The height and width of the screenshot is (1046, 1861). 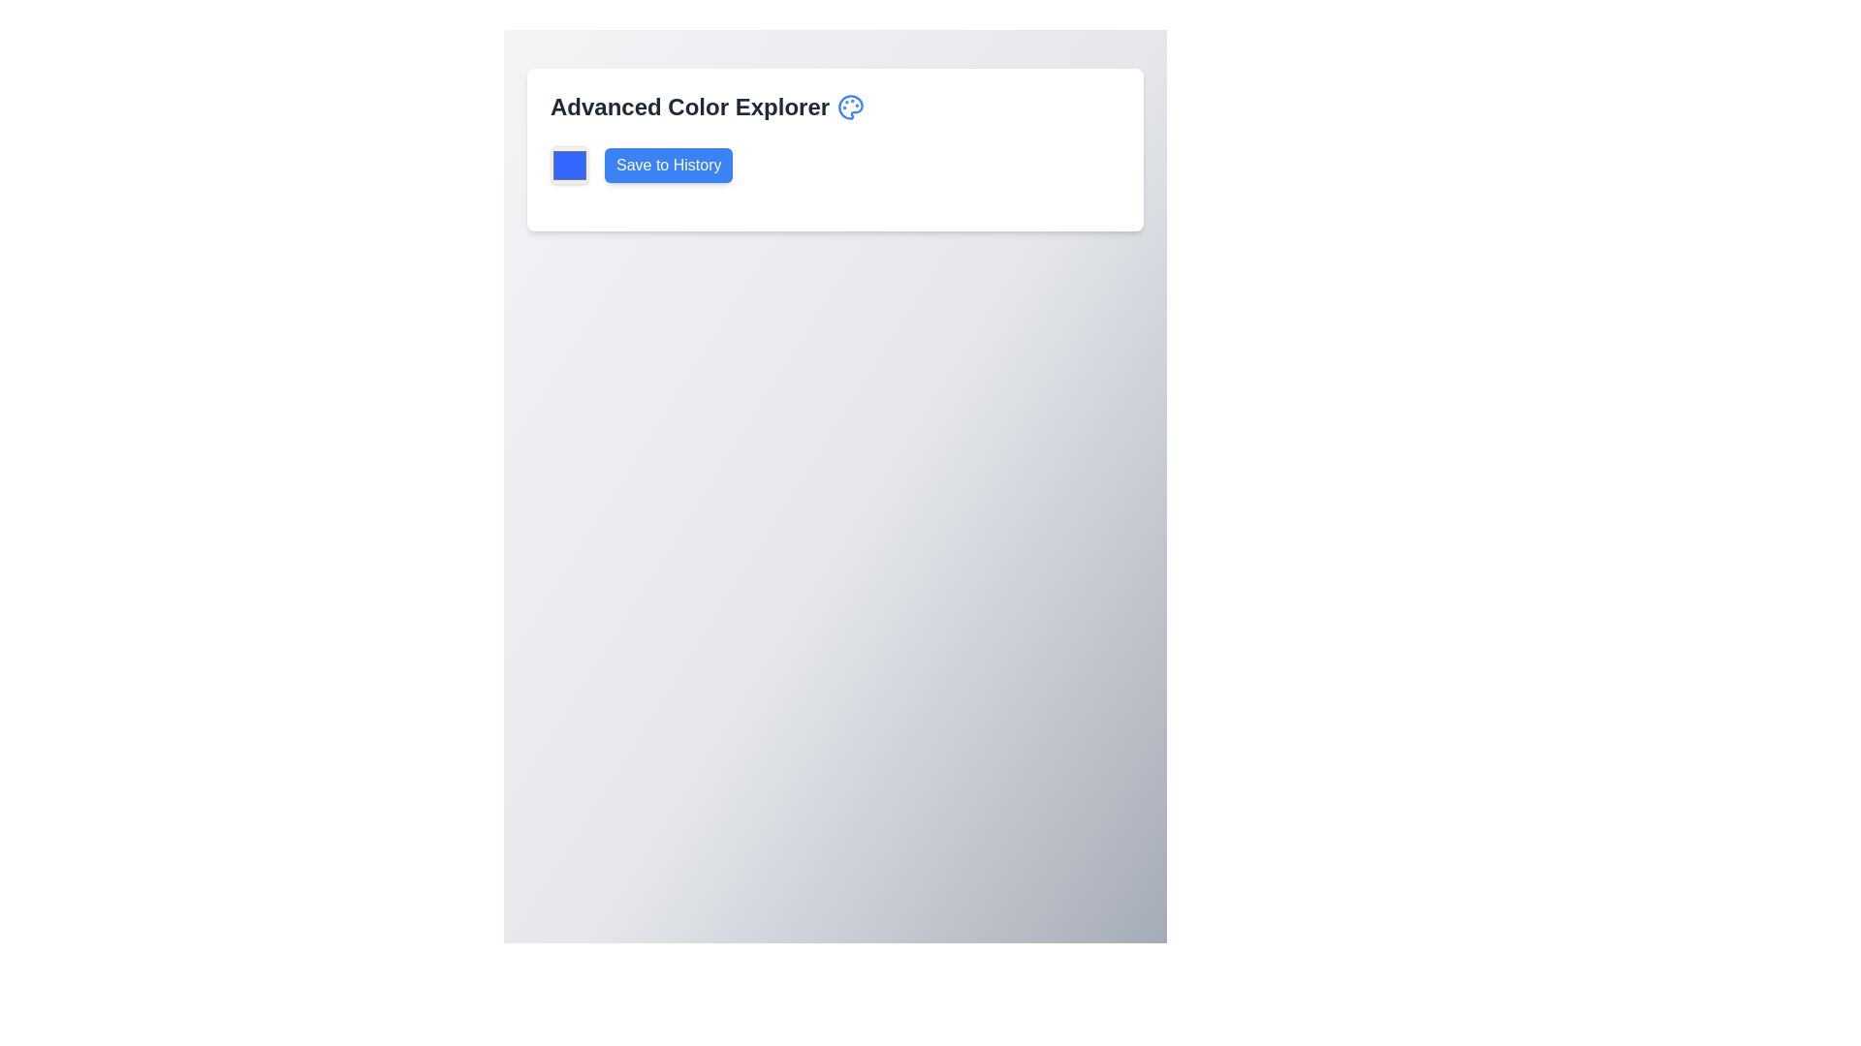 What do you see at coordinates (569, 164) in the screenshot?
I see `the color picker square located to the left of the 'Save to History' button to choose a color` at bounding box center [569, 164].